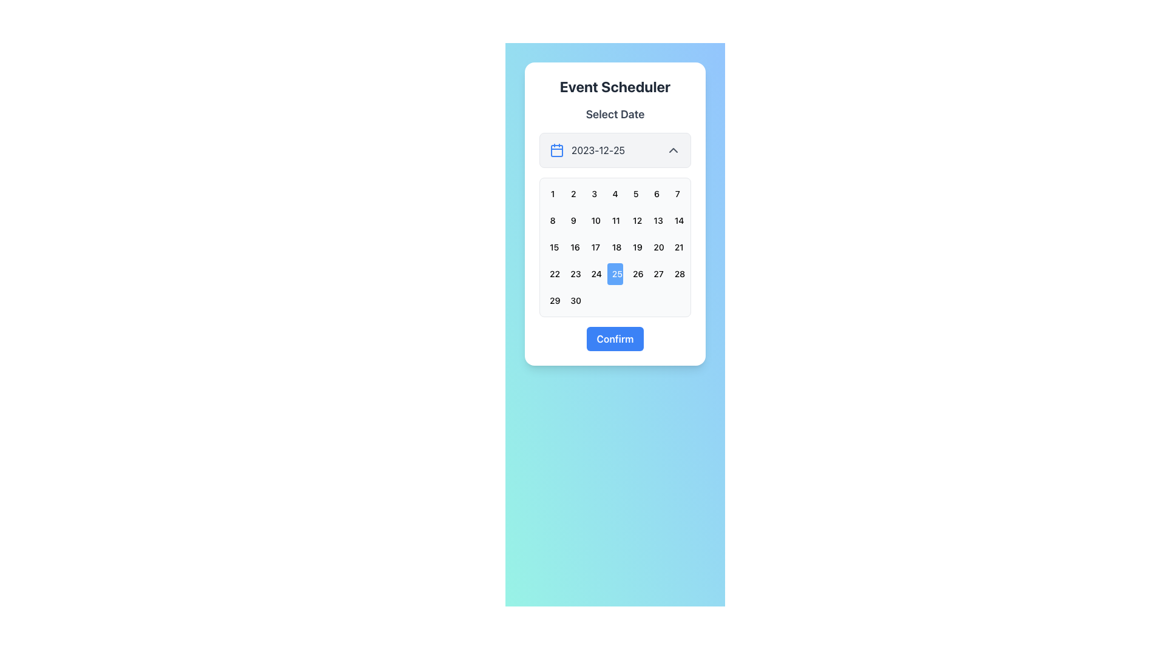 This screenshot has width=1165, height=655. I want to click on the square-shaped button containing the number '4' in the top row of the calendar grid to observe the hover effect, so click(615, 193).